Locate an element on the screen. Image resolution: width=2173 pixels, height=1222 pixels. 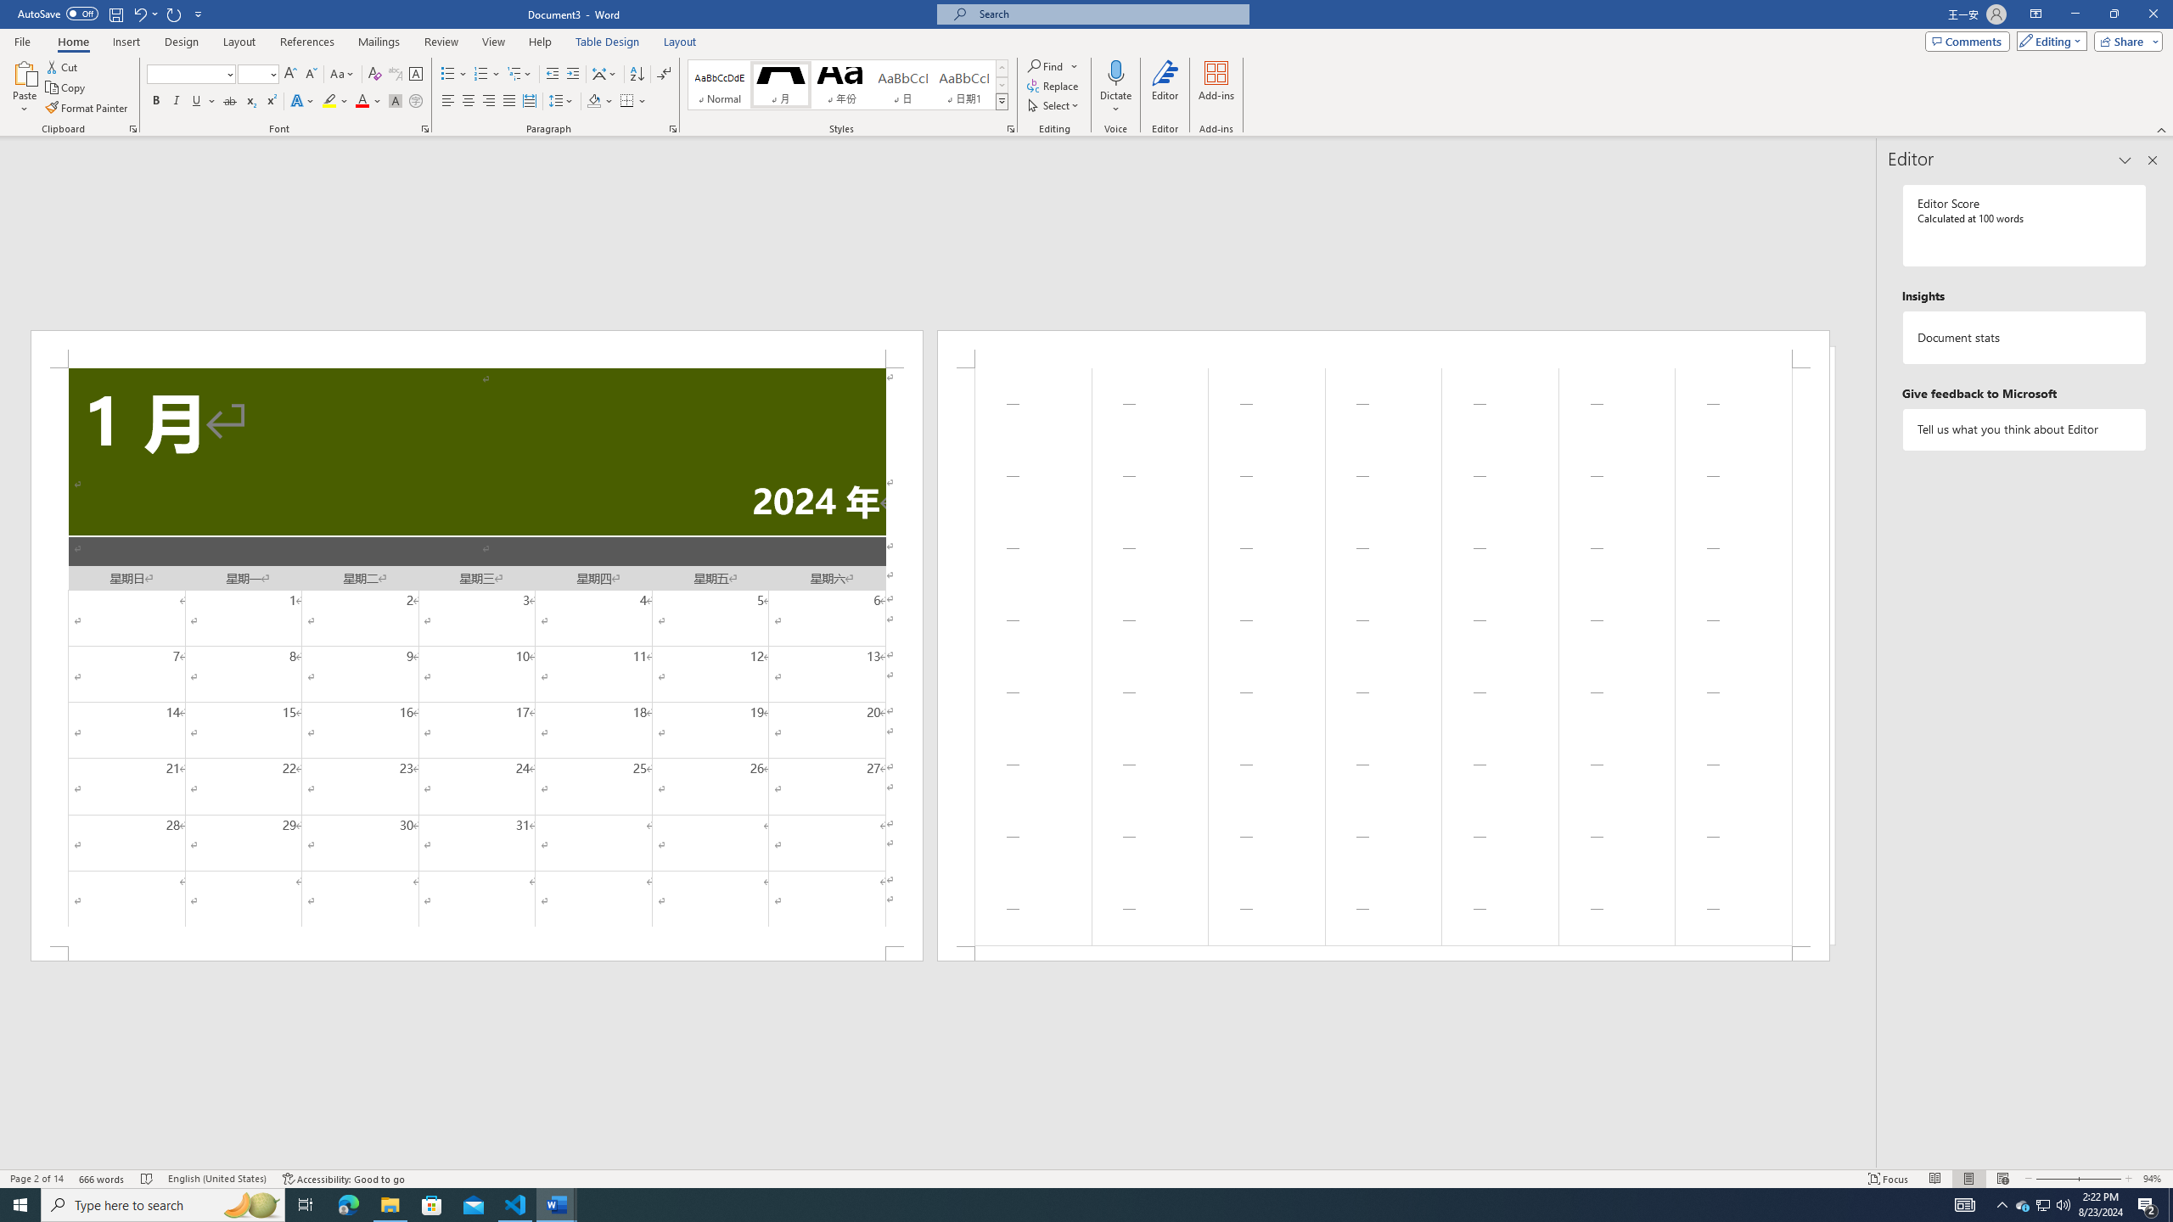
'Page Number Page 2 of 14' is located at coordinates (36, 1179).